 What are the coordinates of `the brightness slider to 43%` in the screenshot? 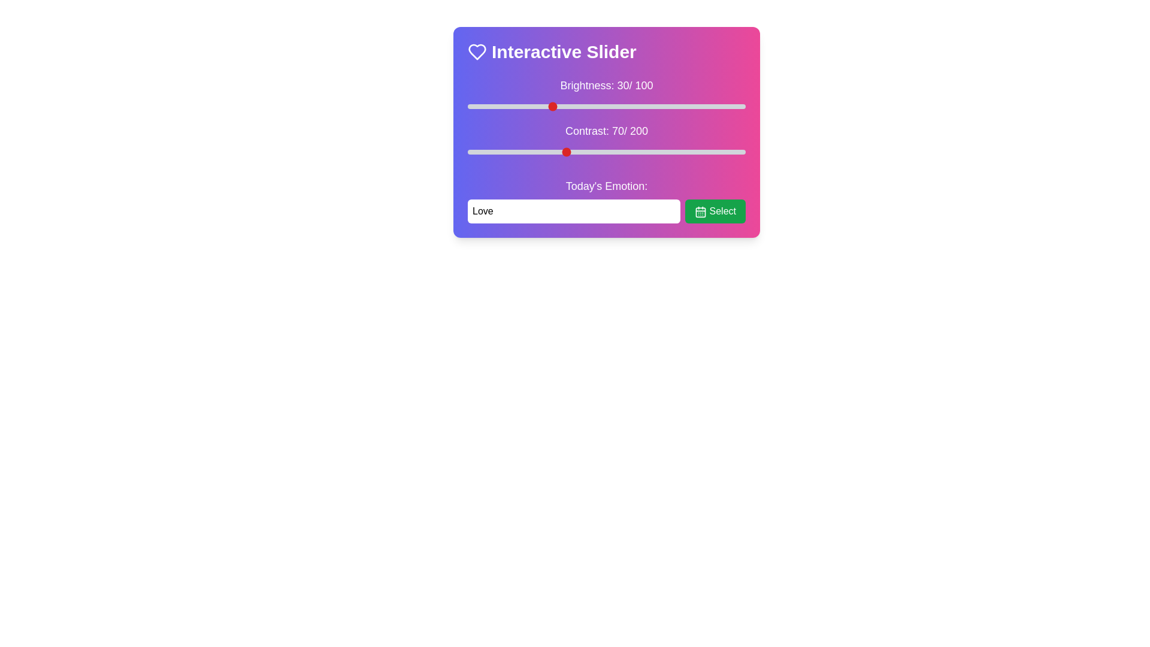 It's located at (587, 105).